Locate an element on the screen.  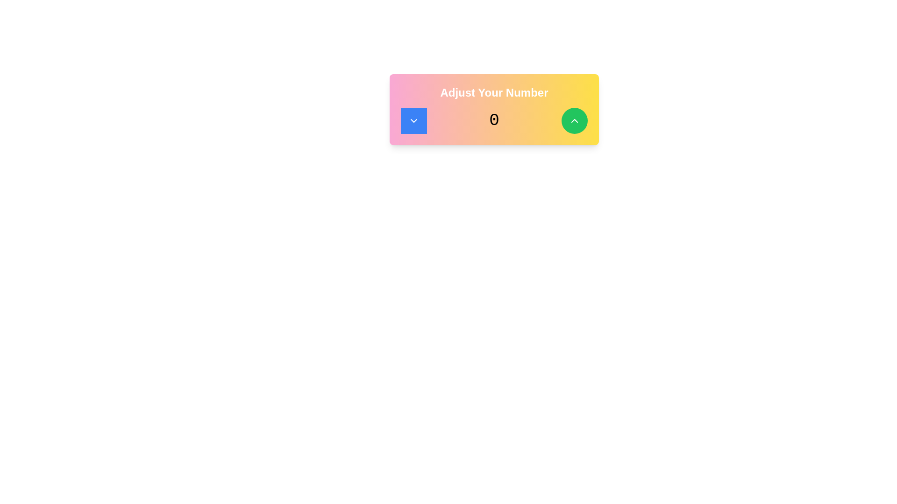
the bold, white static text heading 'Adjust Your Number' displayed prominently against a pink to yellow gradient background is located at coordinates (493, 93).